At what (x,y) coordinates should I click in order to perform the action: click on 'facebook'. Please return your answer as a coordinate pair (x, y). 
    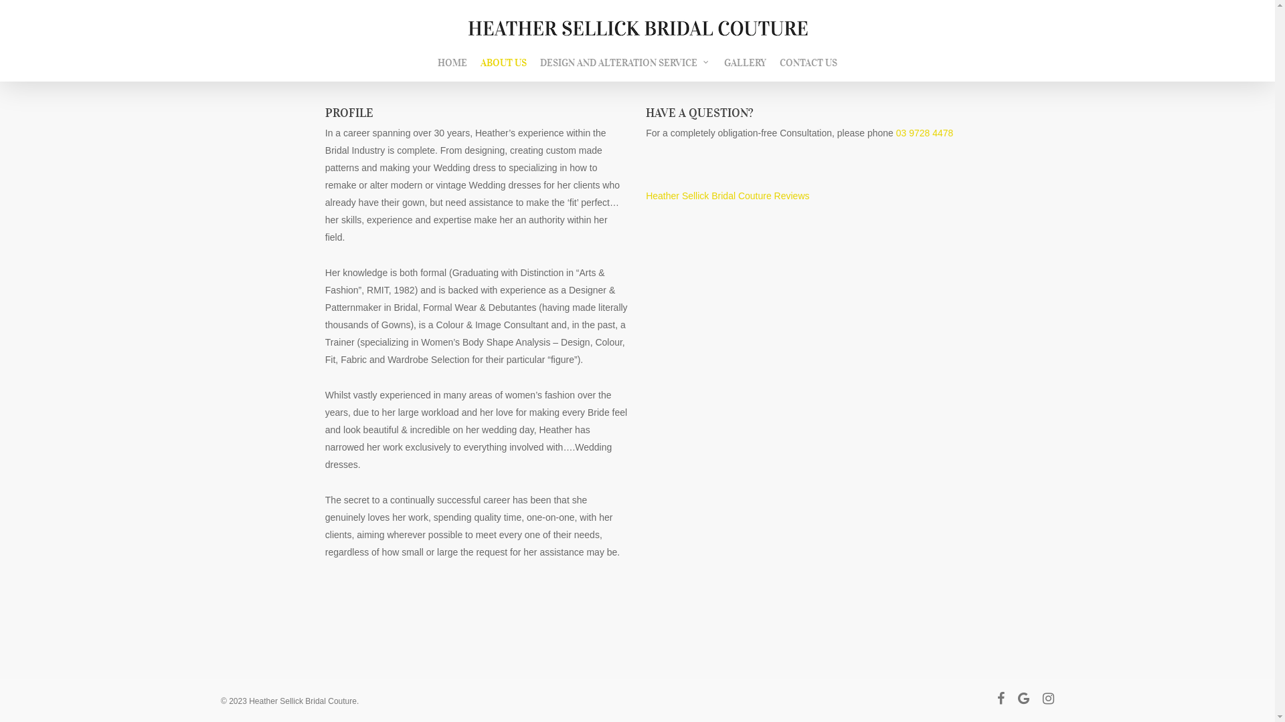
    Looking at the image, I should click on (1001, 699).